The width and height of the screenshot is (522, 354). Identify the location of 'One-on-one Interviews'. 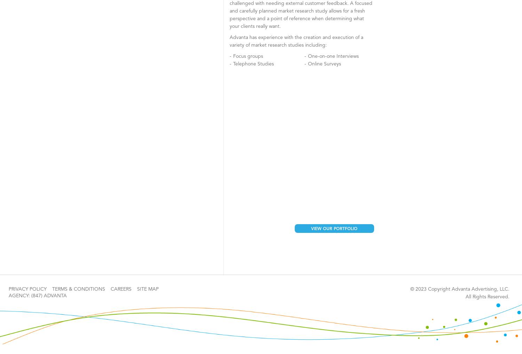
(333, 56).